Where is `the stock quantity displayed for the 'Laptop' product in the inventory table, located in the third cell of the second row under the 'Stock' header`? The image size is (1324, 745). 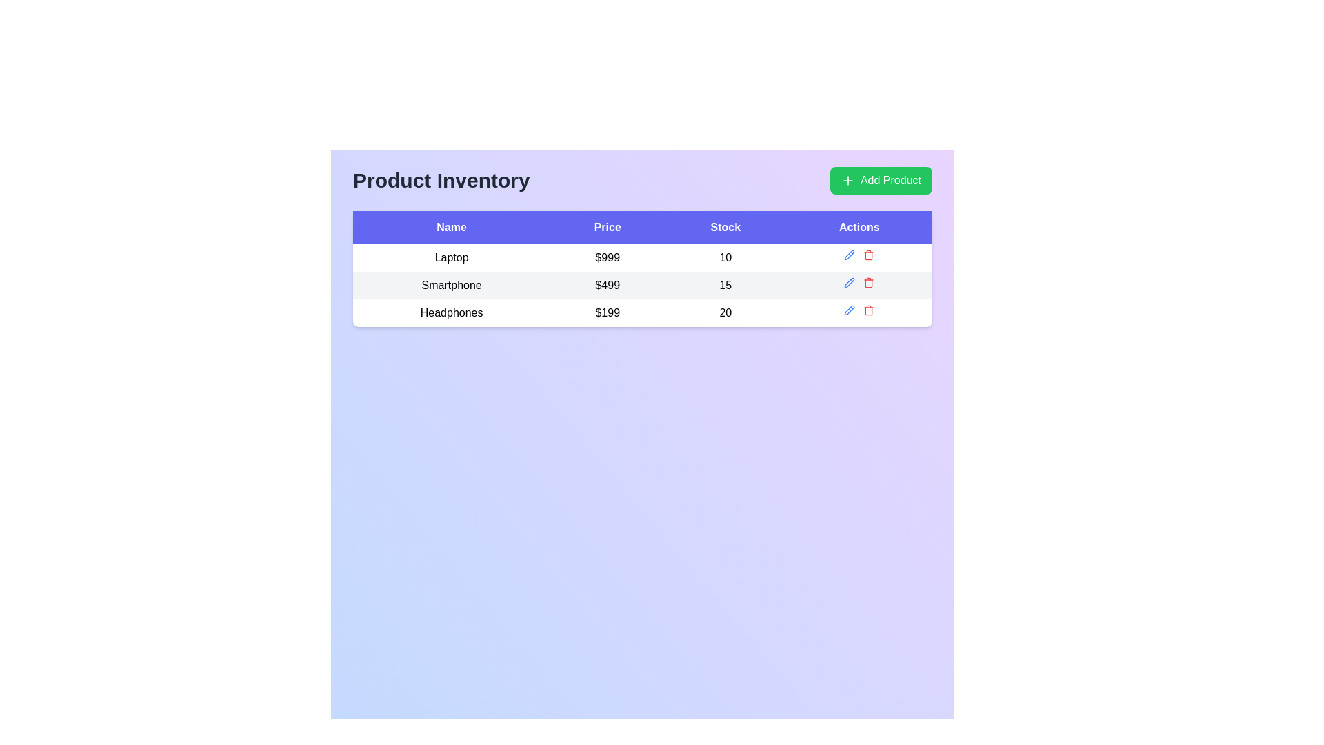 the stock quantity displayed for the 'Laptop' product in the inventory table, located in the third cell of the second row under the 'Stock' header is located at coordinates (725, 258).